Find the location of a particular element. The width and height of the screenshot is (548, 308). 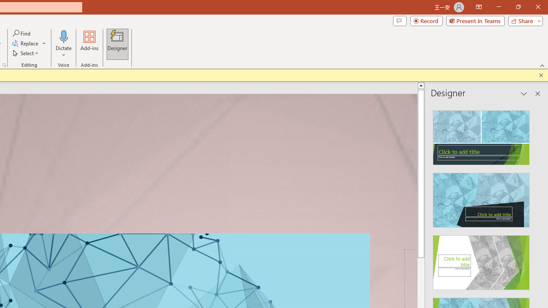

'Recommended Design: Design Idea' is located at coordinates (481, 135).